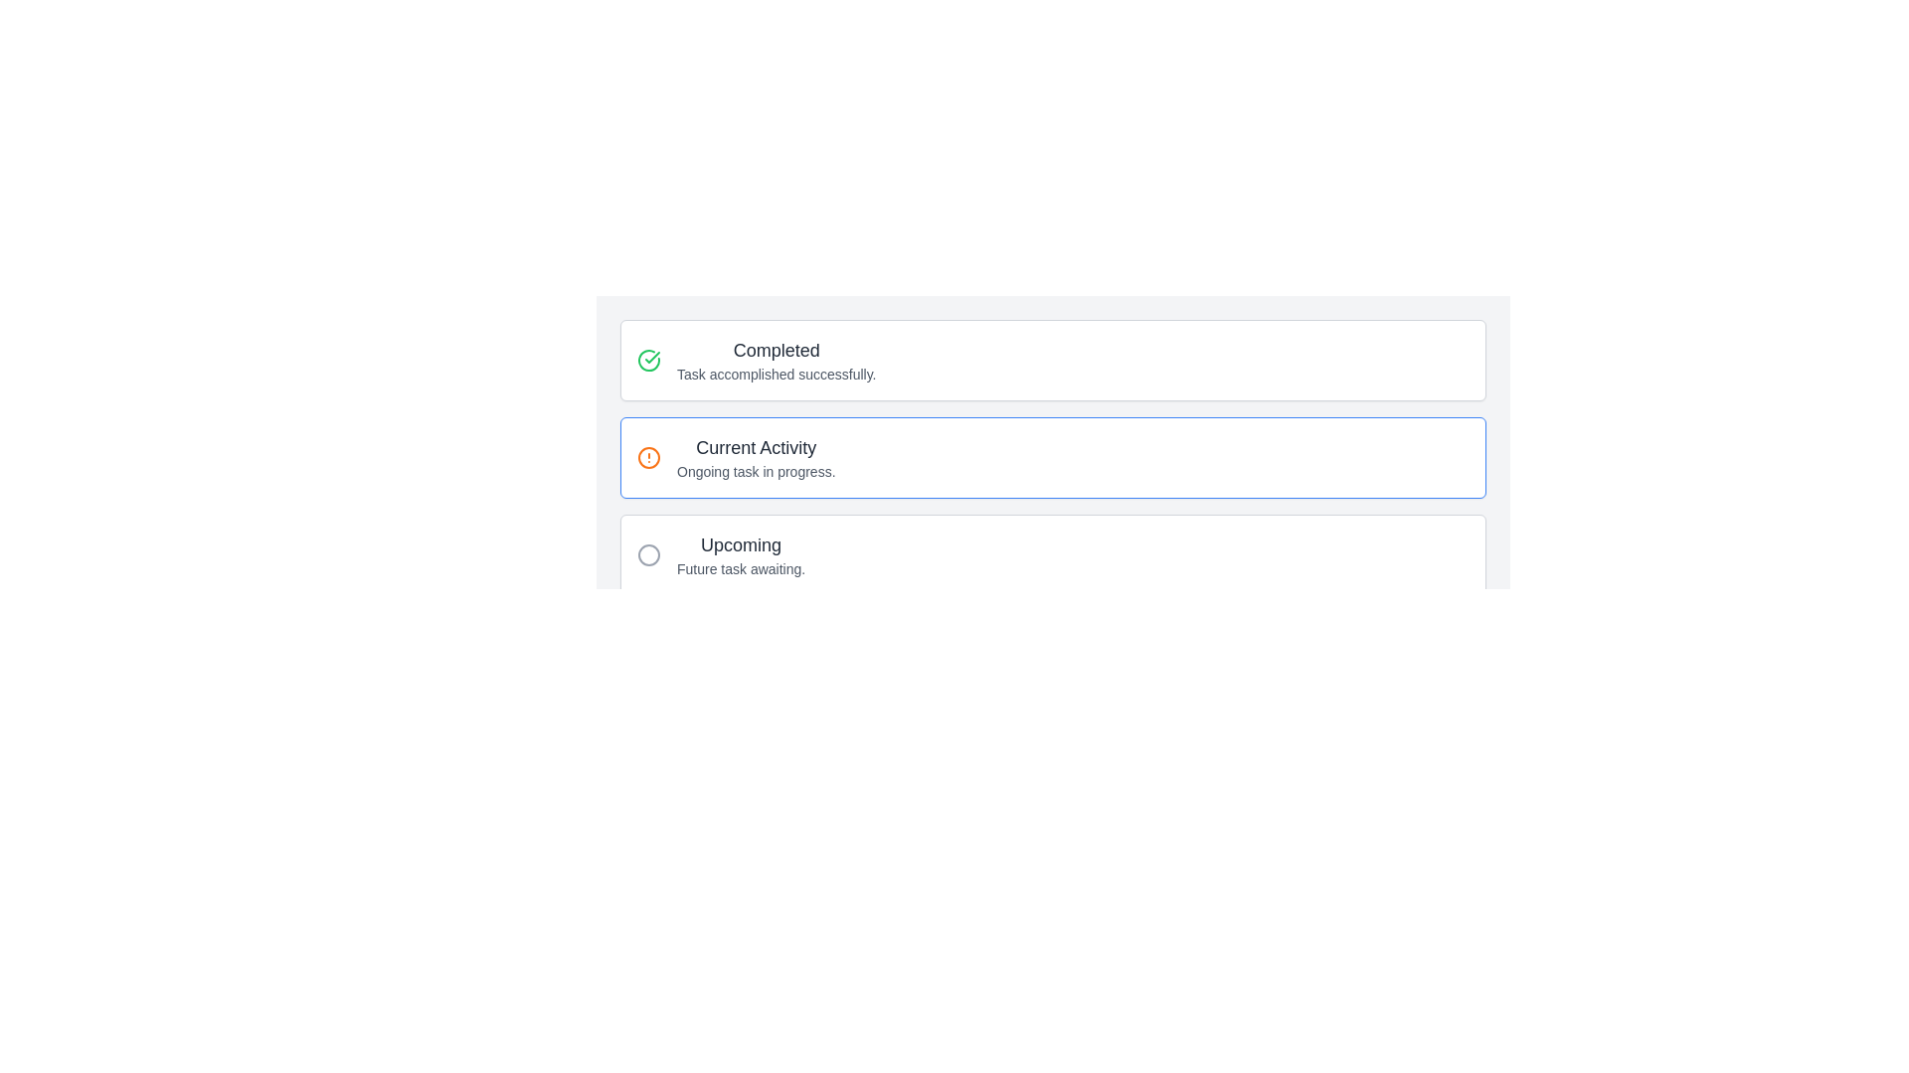  Describe the element at coordinates (740, 555) in the screenshot. I see `the textual label indicating 'Upcoming' with additional details 'Future task awaiting.' positioned as the third section in a vertical sequence of task status labels` at that location.